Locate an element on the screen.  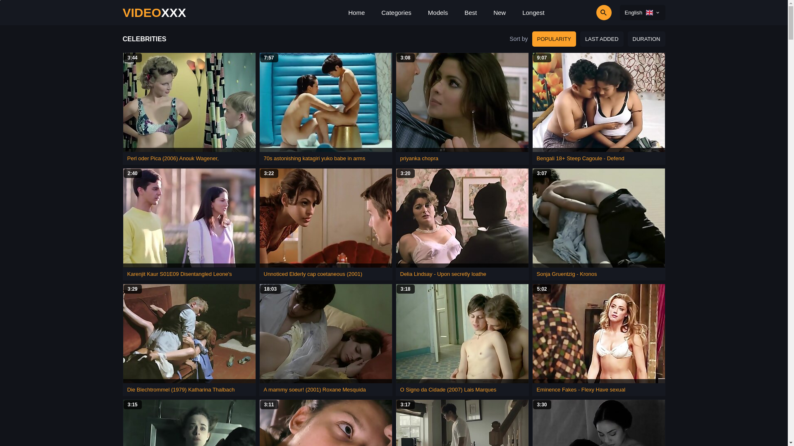
'priyanka chopra' is located at coordinates (419, 158).